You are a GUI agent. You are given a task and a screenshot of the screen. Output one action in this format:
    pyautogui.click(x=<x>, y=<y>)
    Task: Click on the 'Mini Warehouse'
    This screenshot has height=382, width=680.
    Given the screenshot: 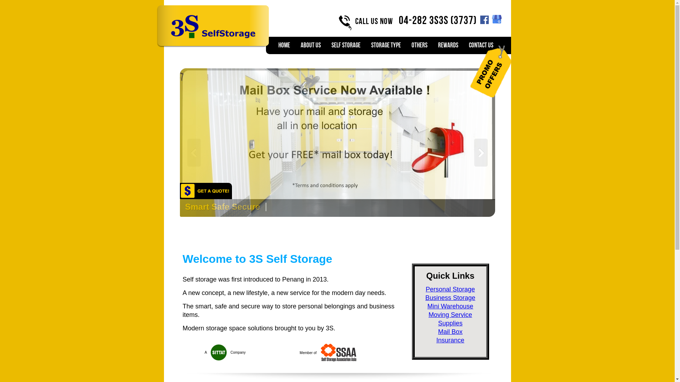 What is the action you would take?
    pyautogui.click(x=450, y=306)
    